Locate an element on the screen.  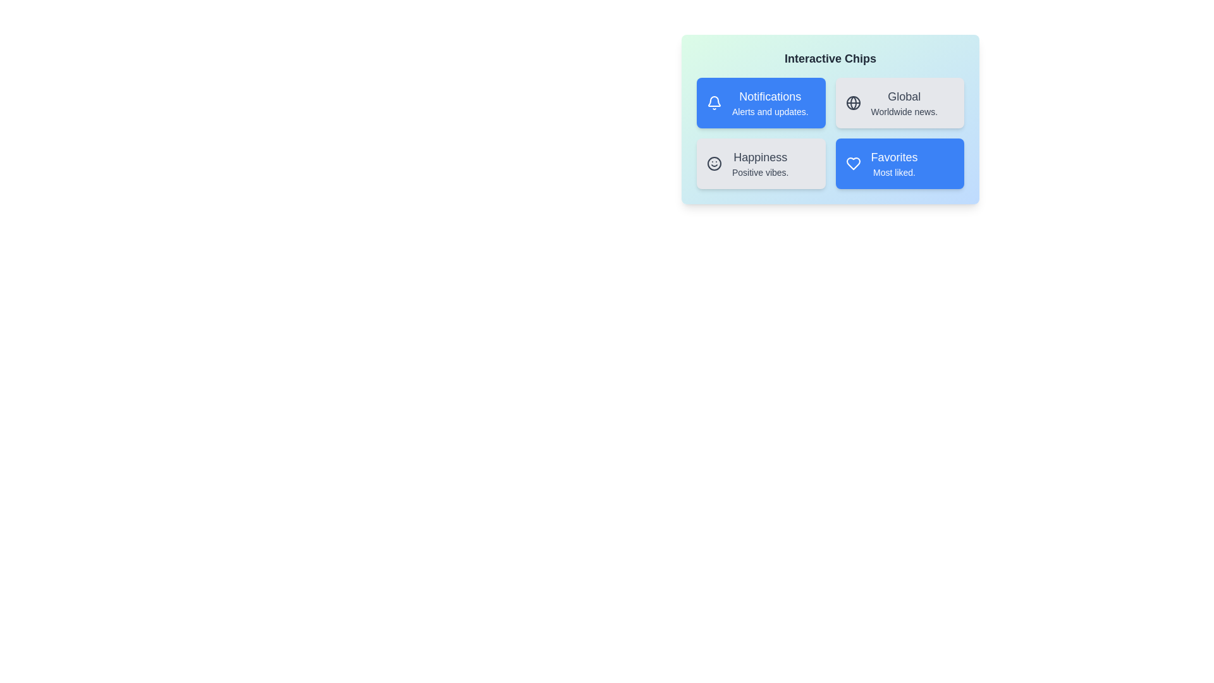
the chip labeled Happiness is located at coordinates (760, 163).